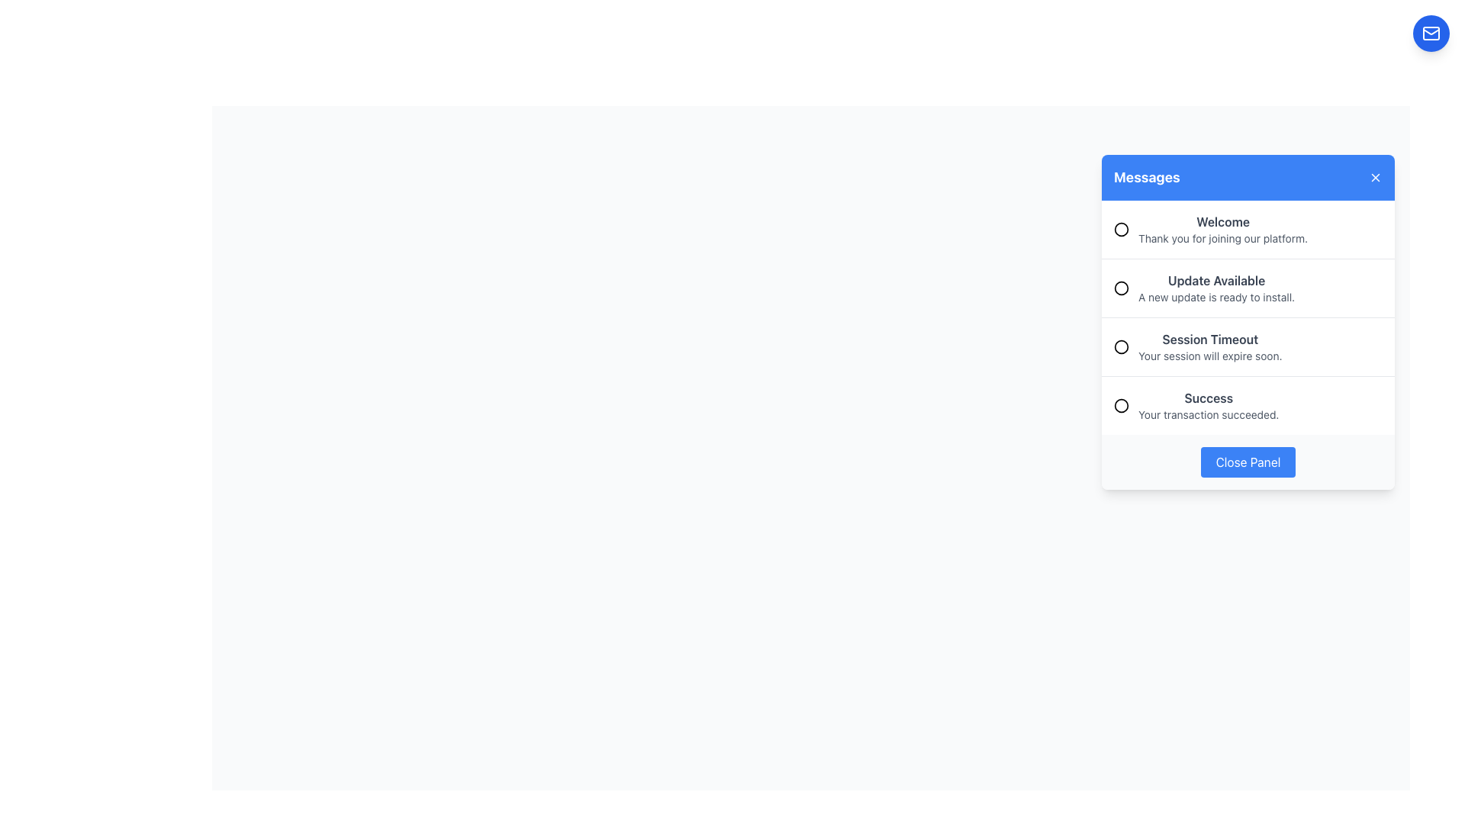  Describe the element at coordinates (1208, 414) in the screenshot. I see `the confirmation message Text Label located beneath the 'Success' text in the 'Messages' panel` at that location.